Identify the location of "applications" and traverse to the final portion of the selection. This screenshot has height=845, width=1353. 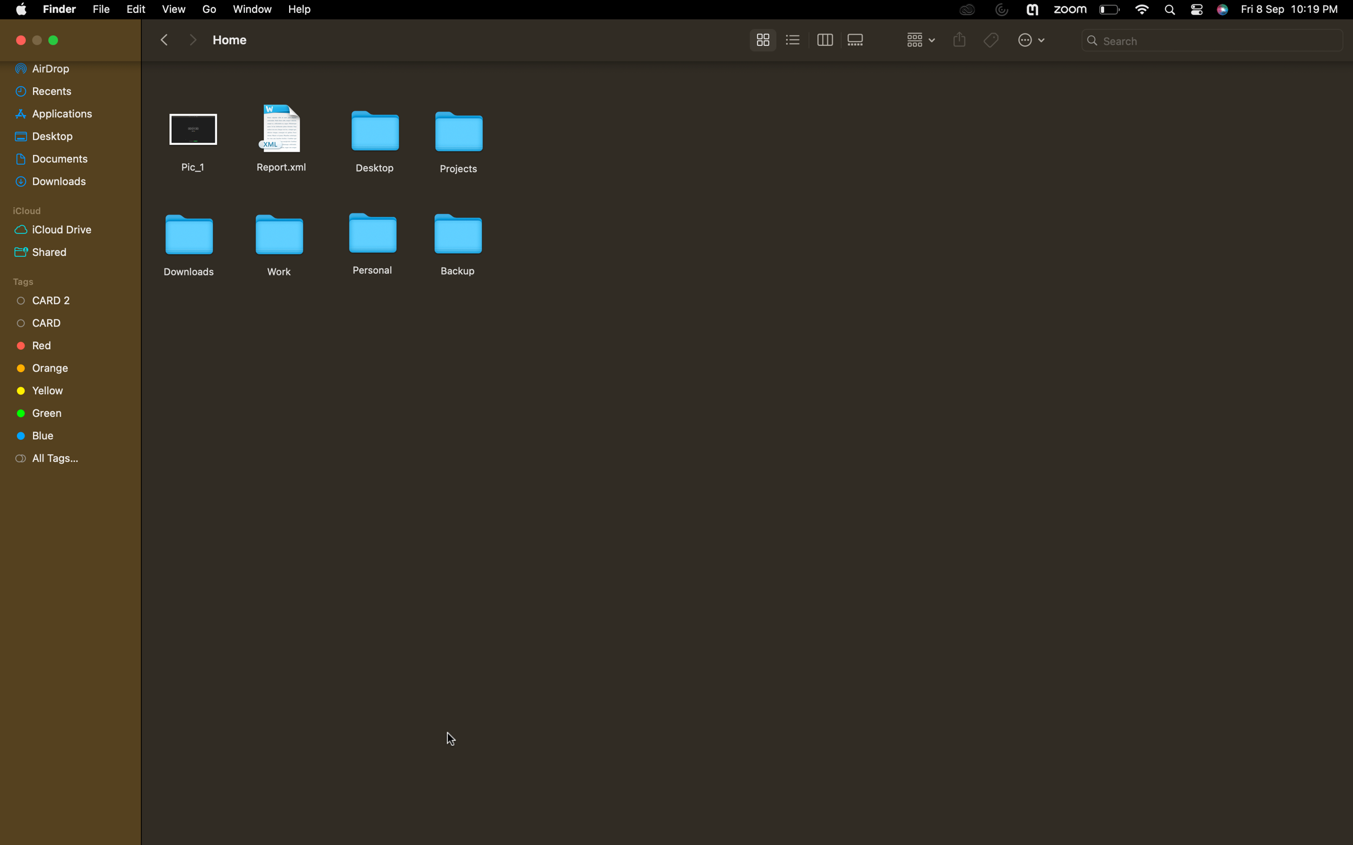
(66, 113).